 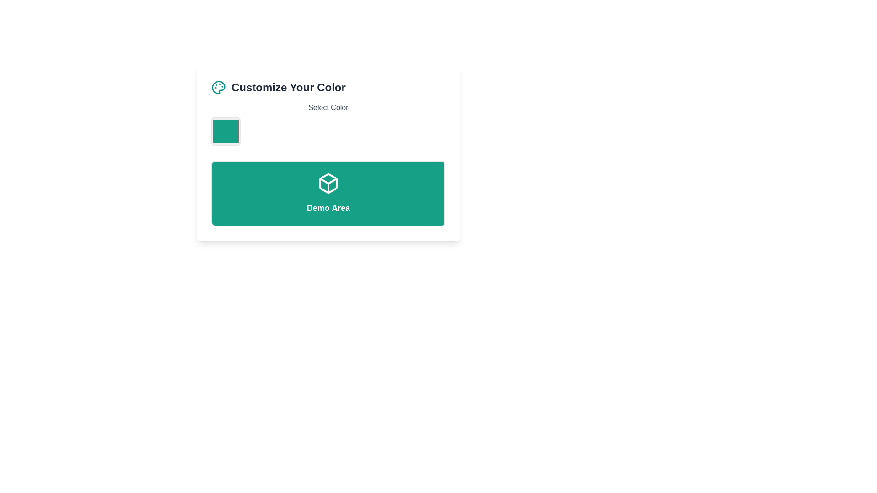 What do you see at coordinates (218, 88) in the screenshot?
I see `visual representation of the painter's palette icon, which is teal and has a circular shape with small holes, located to the left of the 'Customize Your Color' text block` at bounding box center [218, 88].